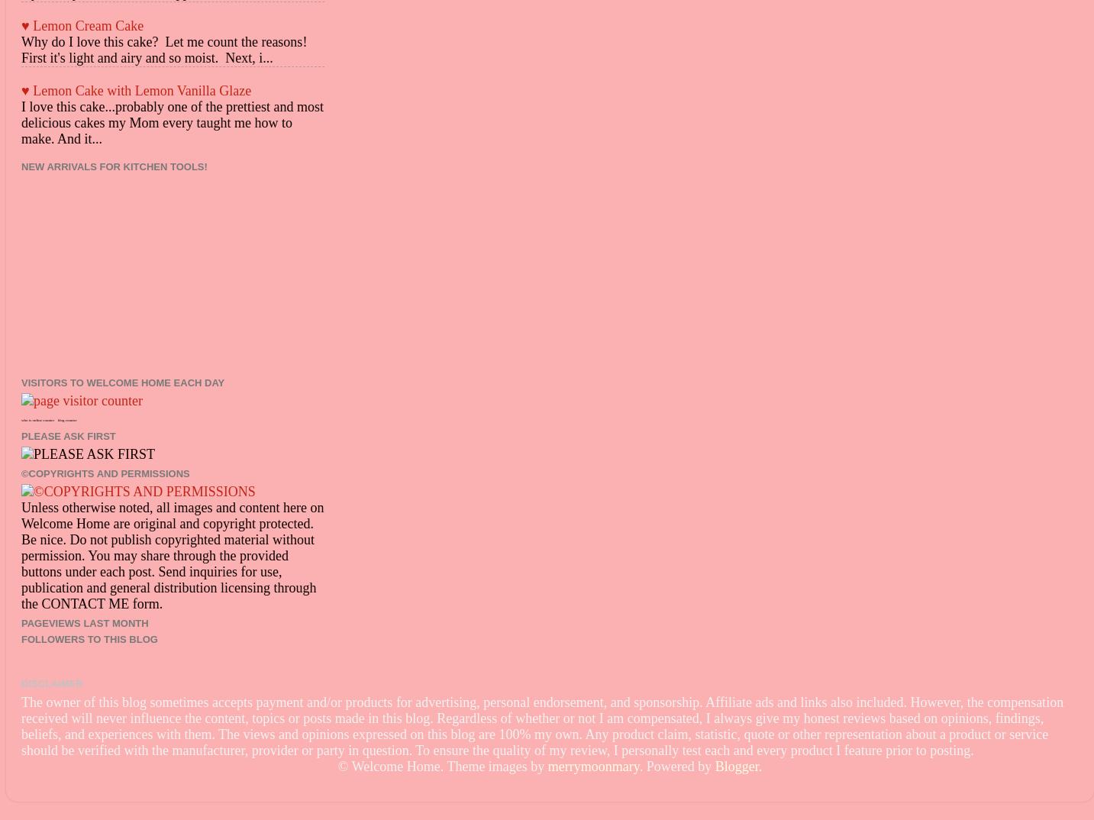  What do you see at coordinates (714, 765) in the screenshot?
I see `'Blogger'` at bounding box center [714, 765].